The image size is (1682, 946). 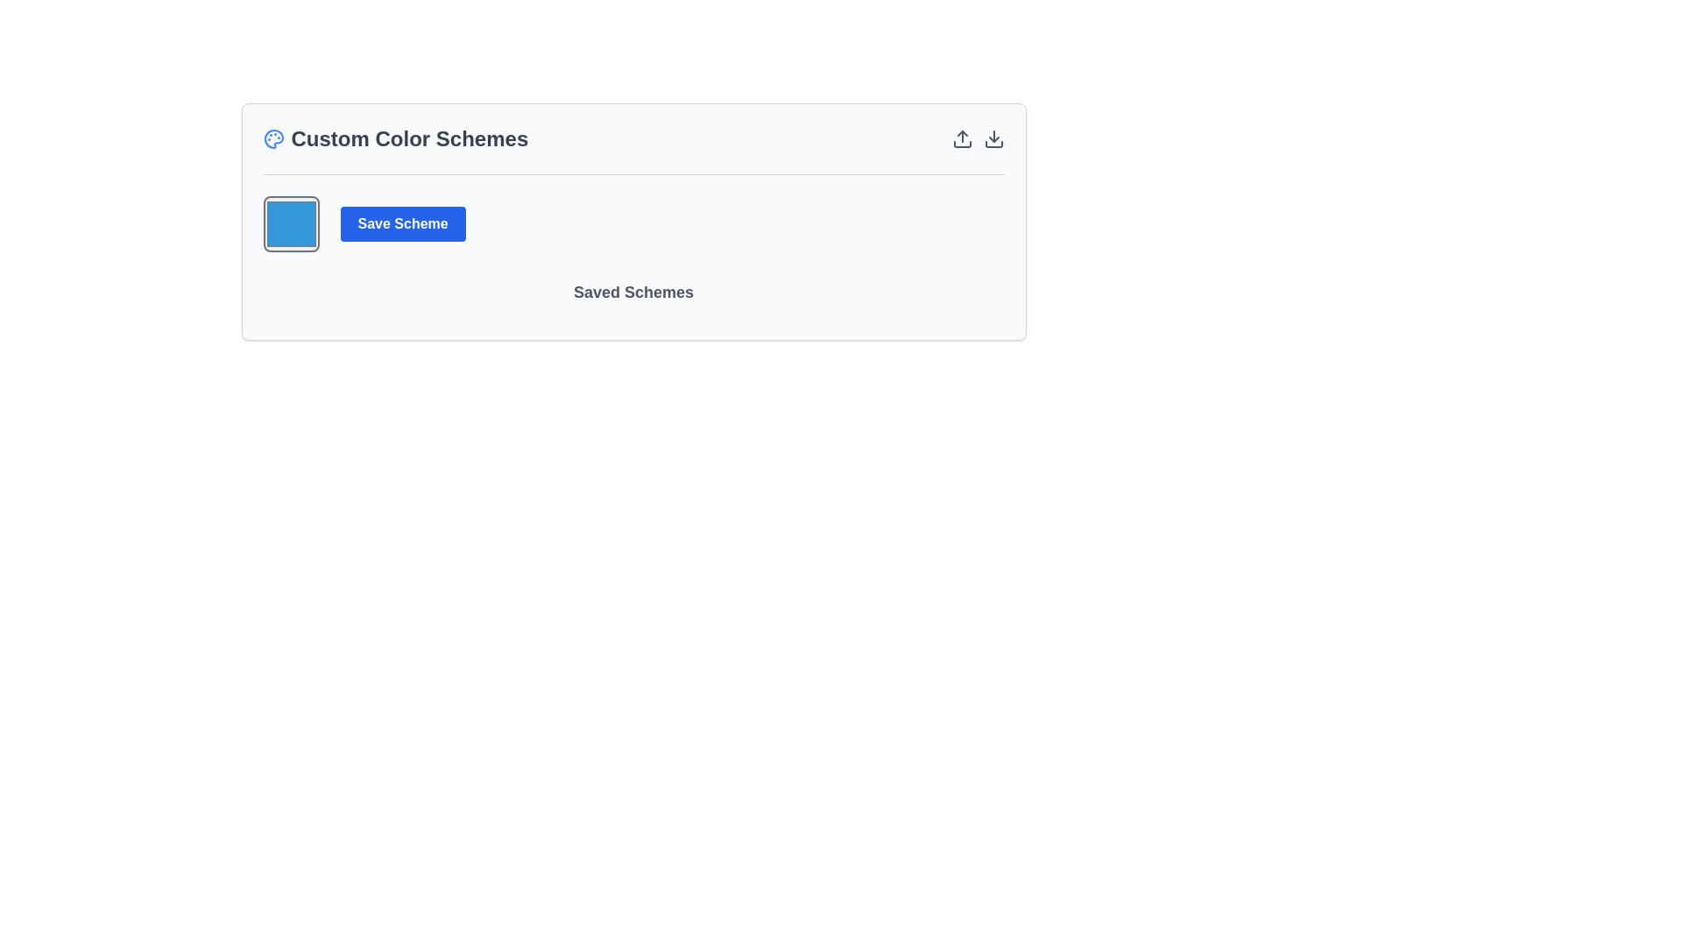 I want to click on the down-facing arrow icon in the Interactive Icon Group to initiate the export action, so click(x=977, y=138).